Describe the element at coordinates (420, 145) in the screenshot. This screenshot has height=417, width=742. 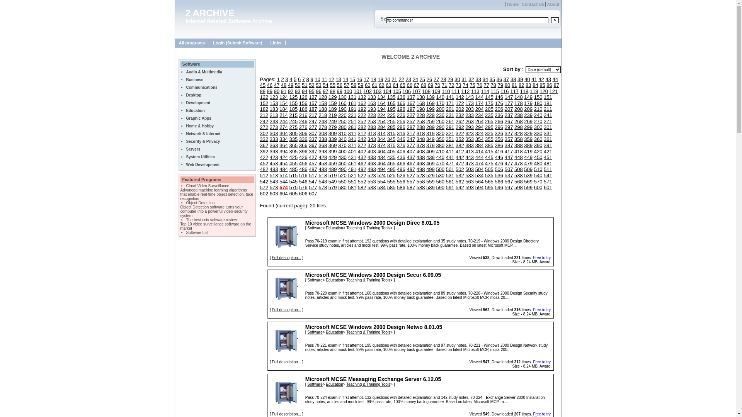
I see `'378'` at that location.